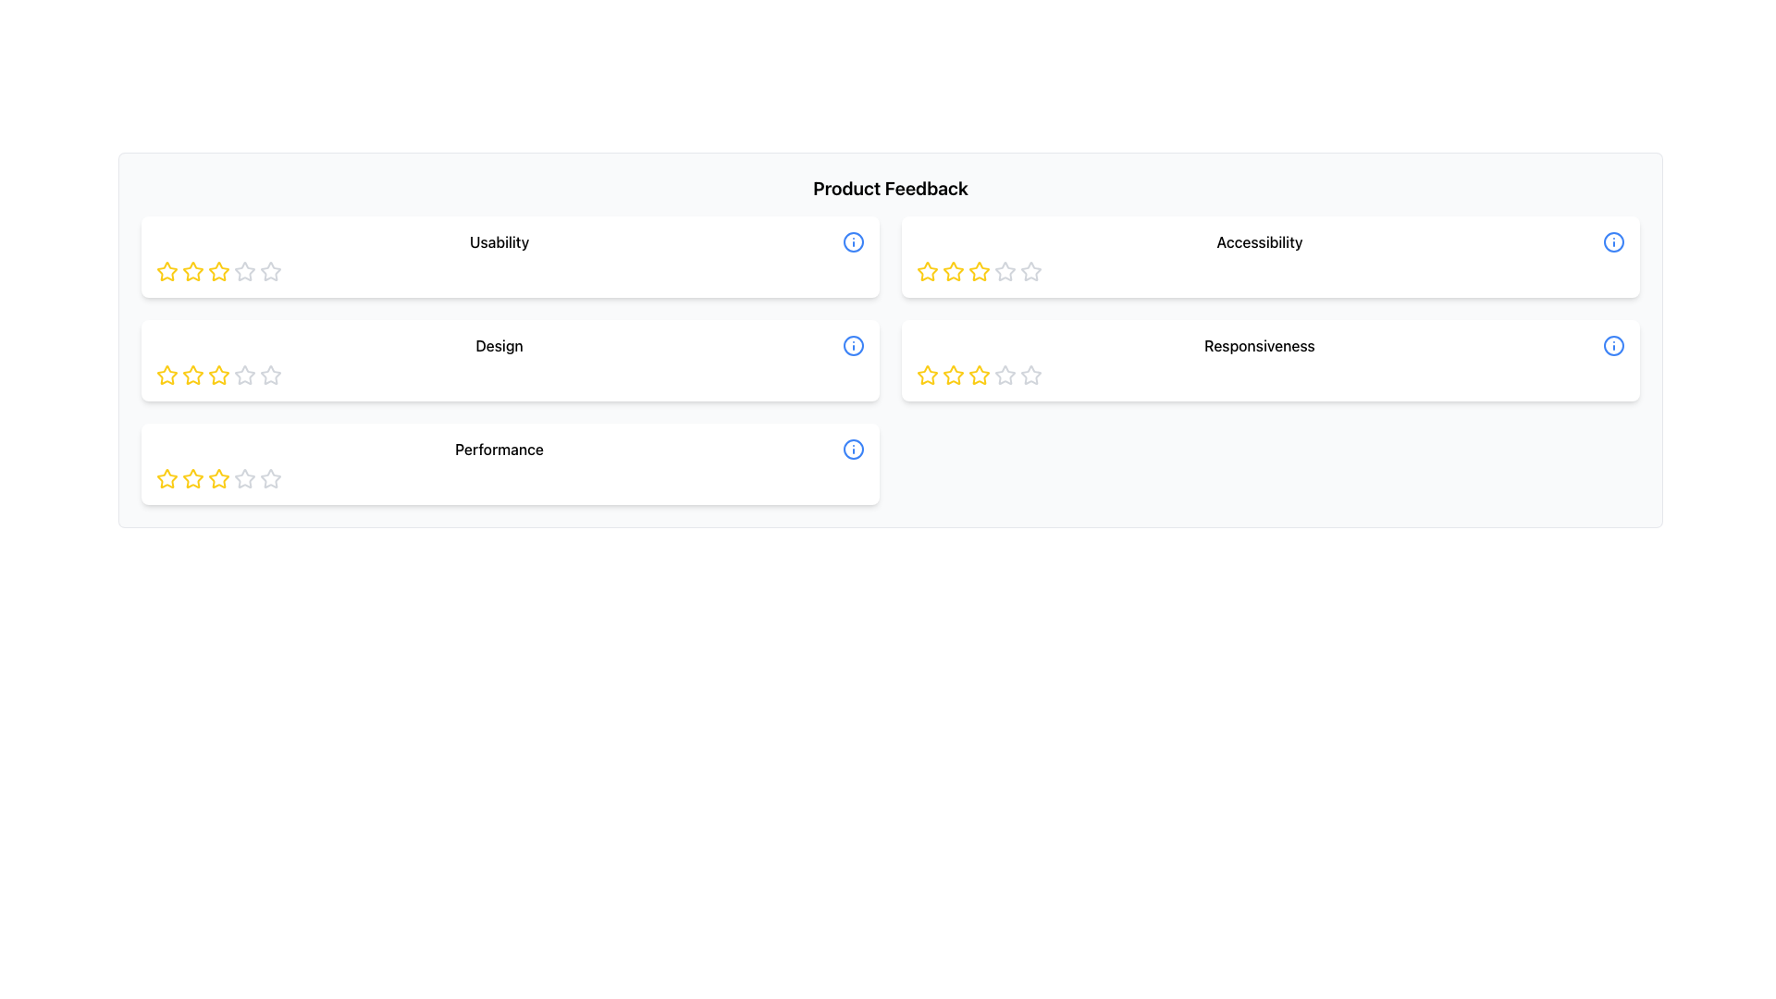 The height and width of the screenshot is (999, 1776). I want to click on the third yellow star icon outlined in black in the 'Performance' category's rating section, so click(193, 477).